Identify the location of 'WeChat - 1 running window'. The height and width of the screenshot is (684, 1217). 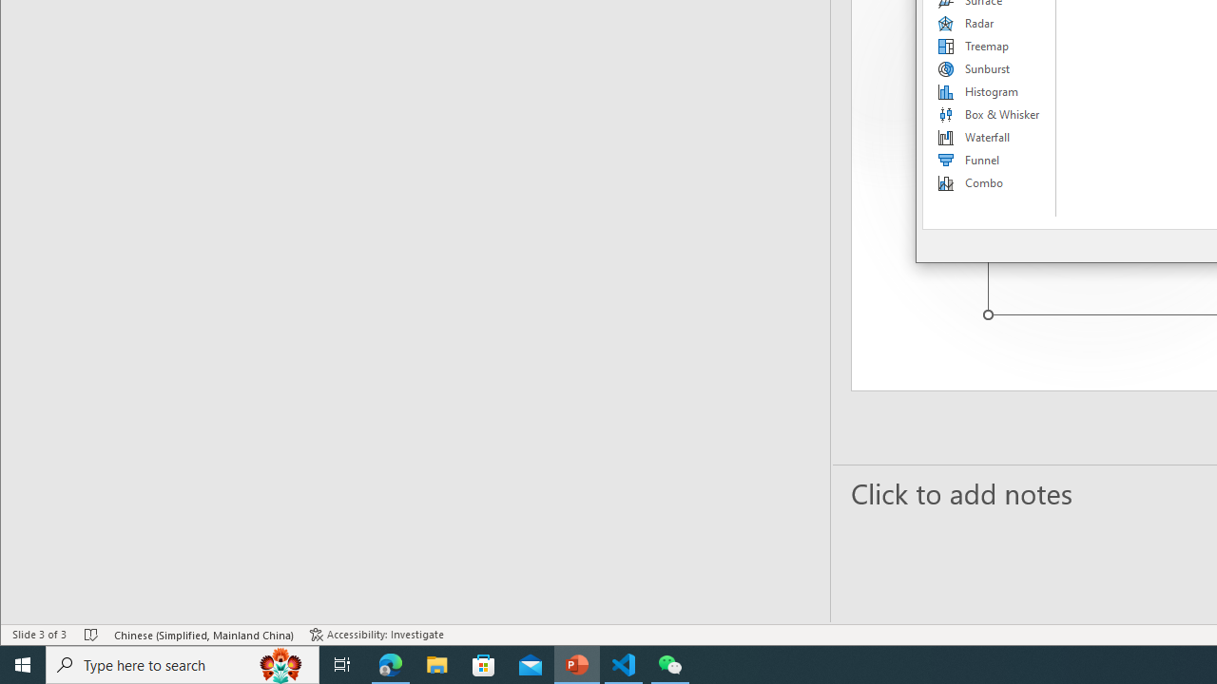
(670, 663).